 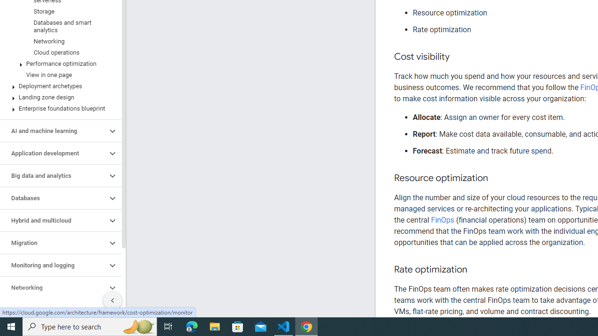 I want to click on 'FinOps', so click(x=442, y=220).